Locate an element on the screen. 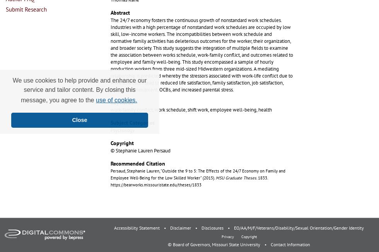 This screenshot has width=379, height=252. 'work-family conflict, work schedule, shift work, employee well-being, health' is located at coordinates (191, 110).